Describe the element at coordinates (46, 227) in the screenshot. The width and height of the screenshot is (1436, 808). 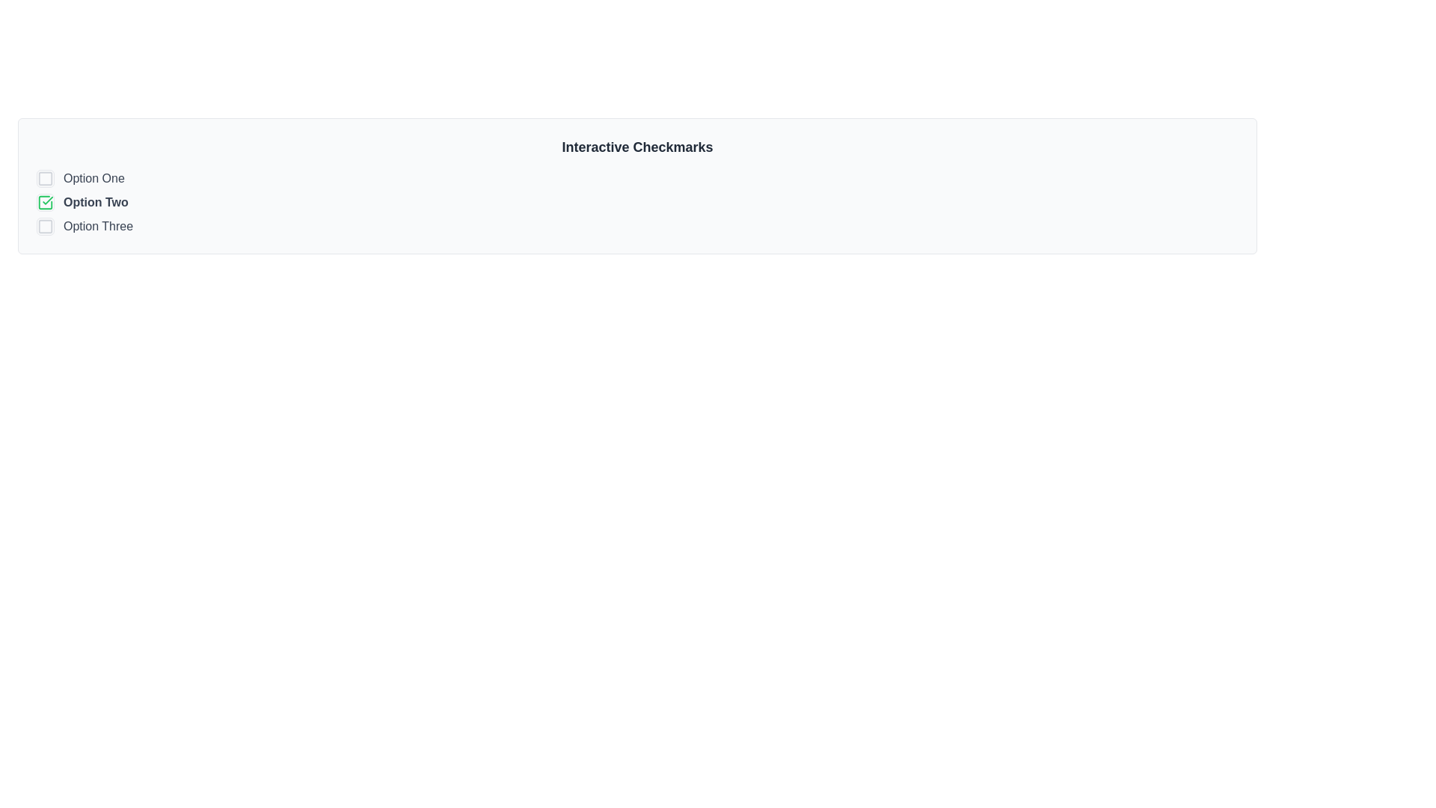
I see `the decorative visual element within the checkbox component that enhances the selection mechanism for the 'Option Three' text` at that location.